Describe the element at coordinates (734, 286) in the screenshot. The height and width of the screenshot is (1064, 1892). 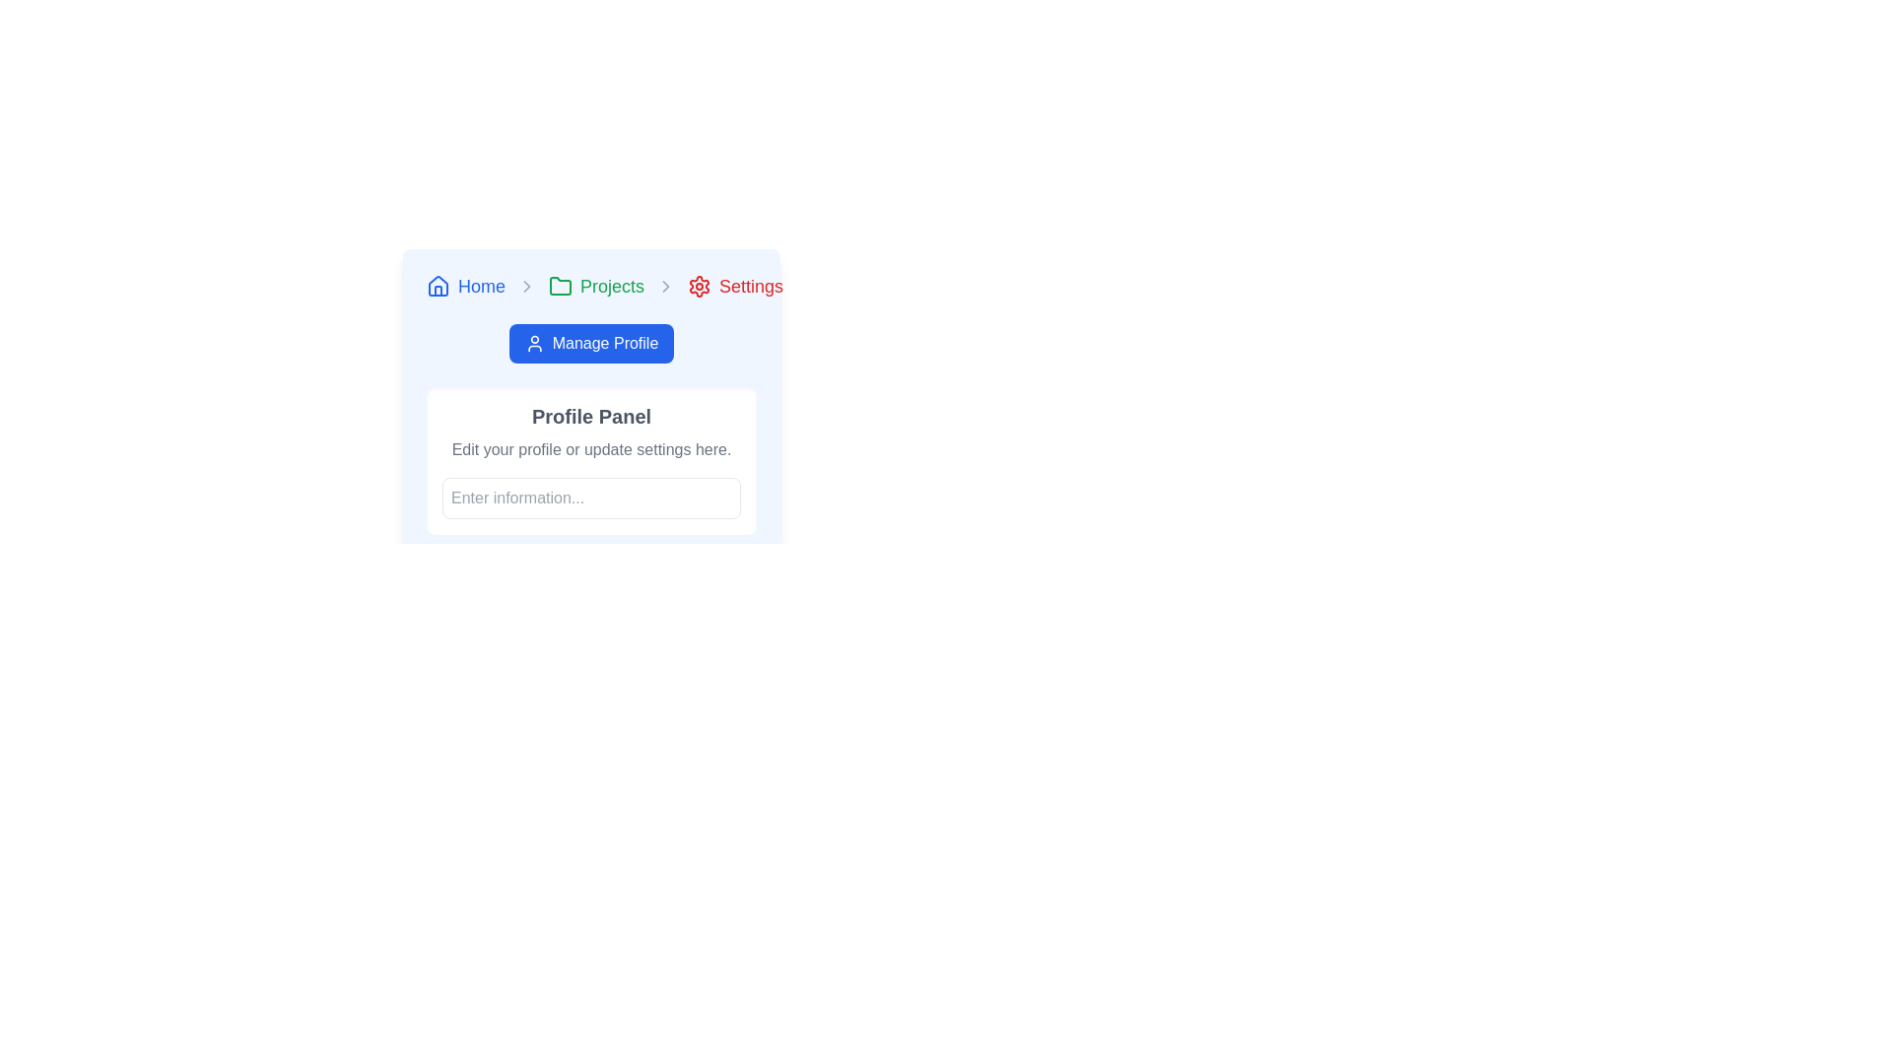
I see `the 'Settings' text, which is a red text and icon pair located in the navigation bar` at that location.